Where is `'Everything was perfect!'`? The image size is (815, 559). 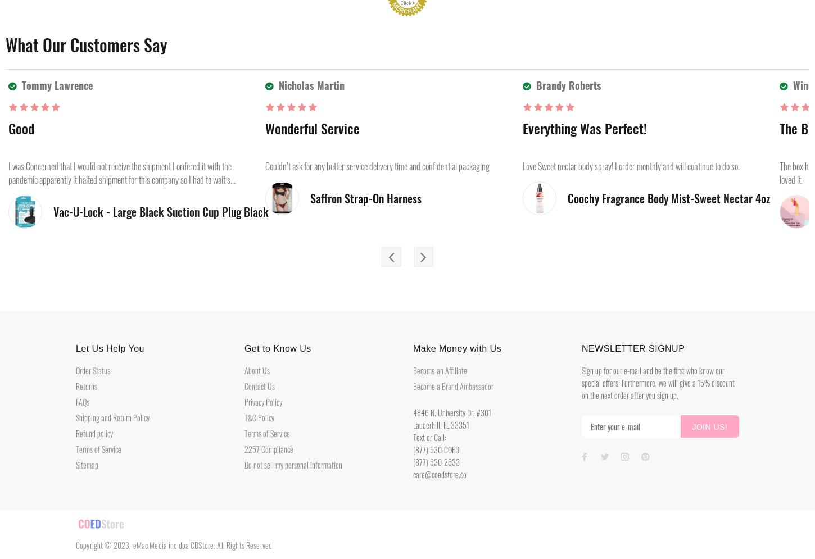
'Everything was perfect!' is located at coordinates (584, 127).